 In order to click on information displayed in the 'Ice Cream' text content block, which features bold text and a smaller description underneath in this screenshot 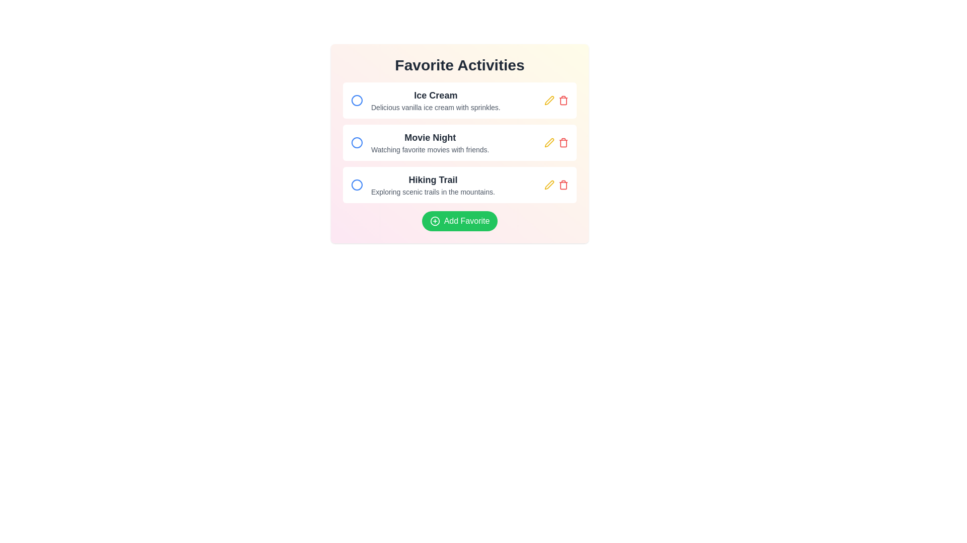, I will do `click(436, 101)`.